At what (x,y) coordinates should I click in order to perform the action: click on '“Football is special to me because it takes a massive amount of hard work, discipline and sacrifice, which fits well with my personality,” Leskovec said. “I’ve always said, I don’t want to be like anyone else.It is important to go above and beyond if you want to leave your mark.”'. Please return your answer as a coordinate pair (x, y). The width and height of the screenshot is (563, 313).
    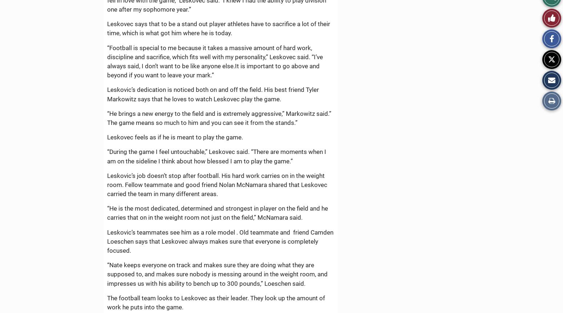
    Looking at the image, I should click on (215, 61).